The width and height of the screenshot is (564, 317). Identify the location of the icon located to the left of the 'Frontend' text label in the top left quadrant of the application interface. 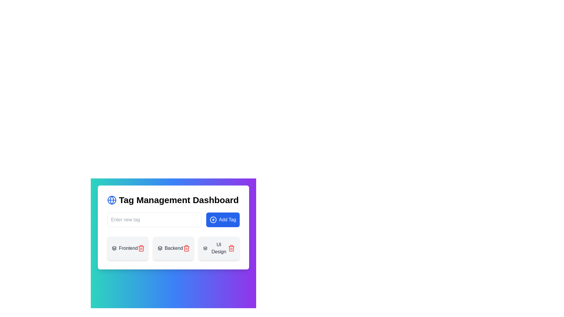
(114, 248).